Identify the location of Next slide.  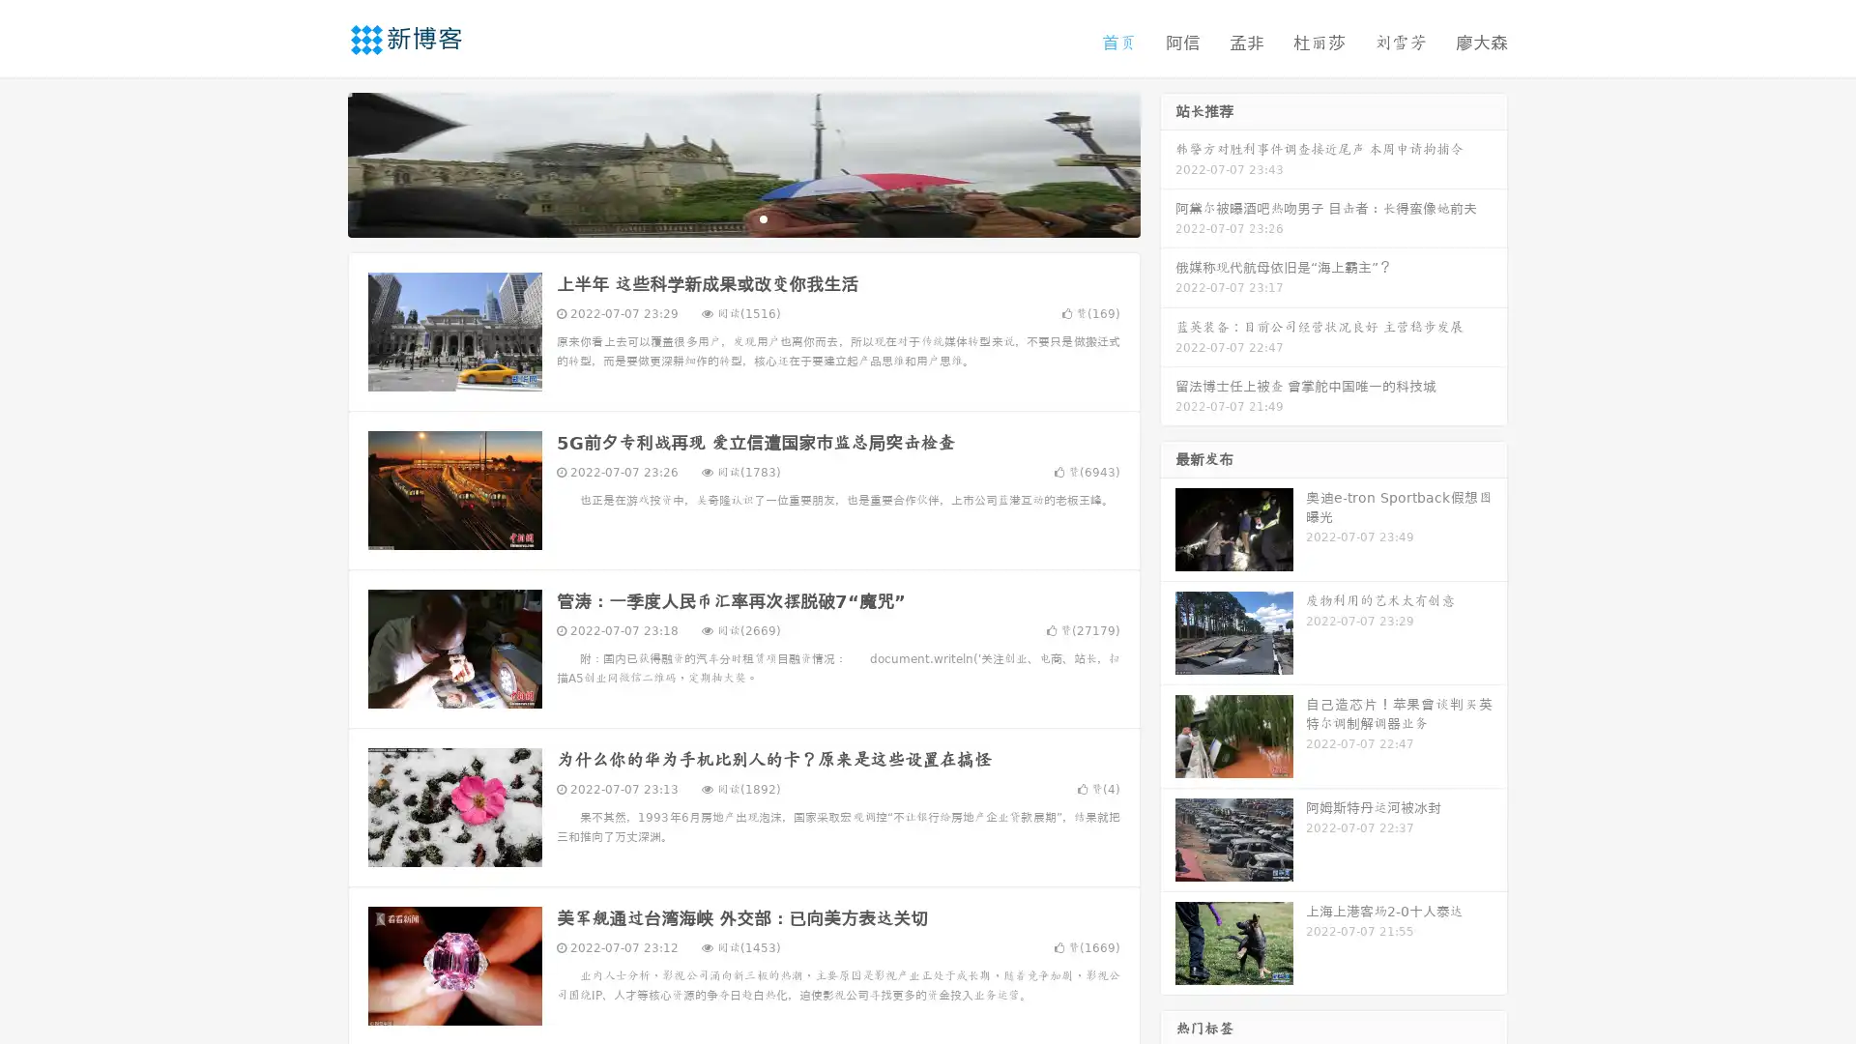
(1168, 162).